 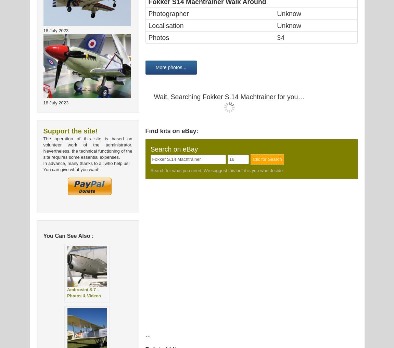 I want to click on 'Ambrosini S.7 – Photos & Videos', so click(x=67, y=293).